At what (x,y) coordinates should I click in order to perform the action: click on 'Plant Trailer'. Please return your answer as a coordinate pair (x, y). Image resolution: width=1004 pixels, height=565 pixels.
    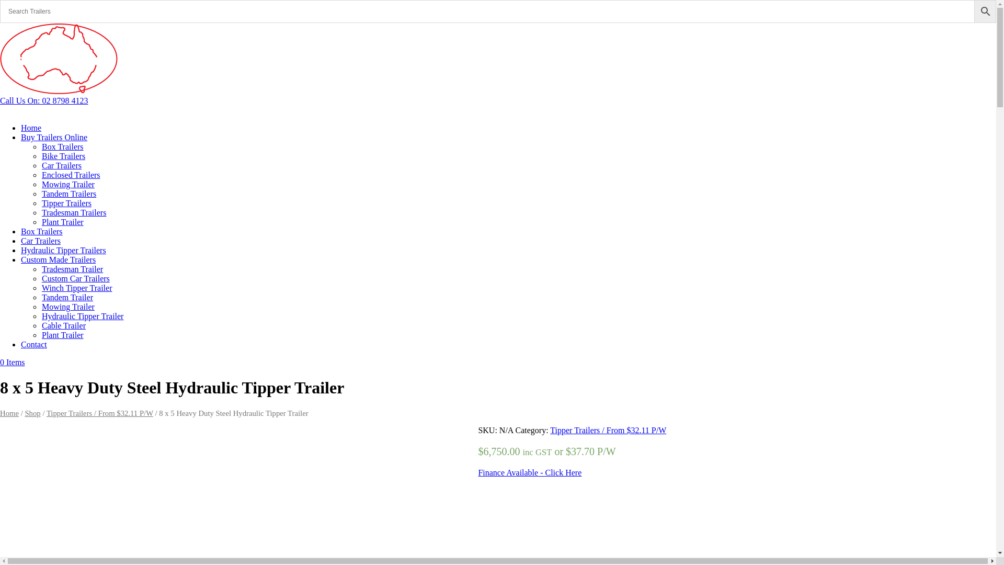
    Looking at the image, I should click on (42, 335).